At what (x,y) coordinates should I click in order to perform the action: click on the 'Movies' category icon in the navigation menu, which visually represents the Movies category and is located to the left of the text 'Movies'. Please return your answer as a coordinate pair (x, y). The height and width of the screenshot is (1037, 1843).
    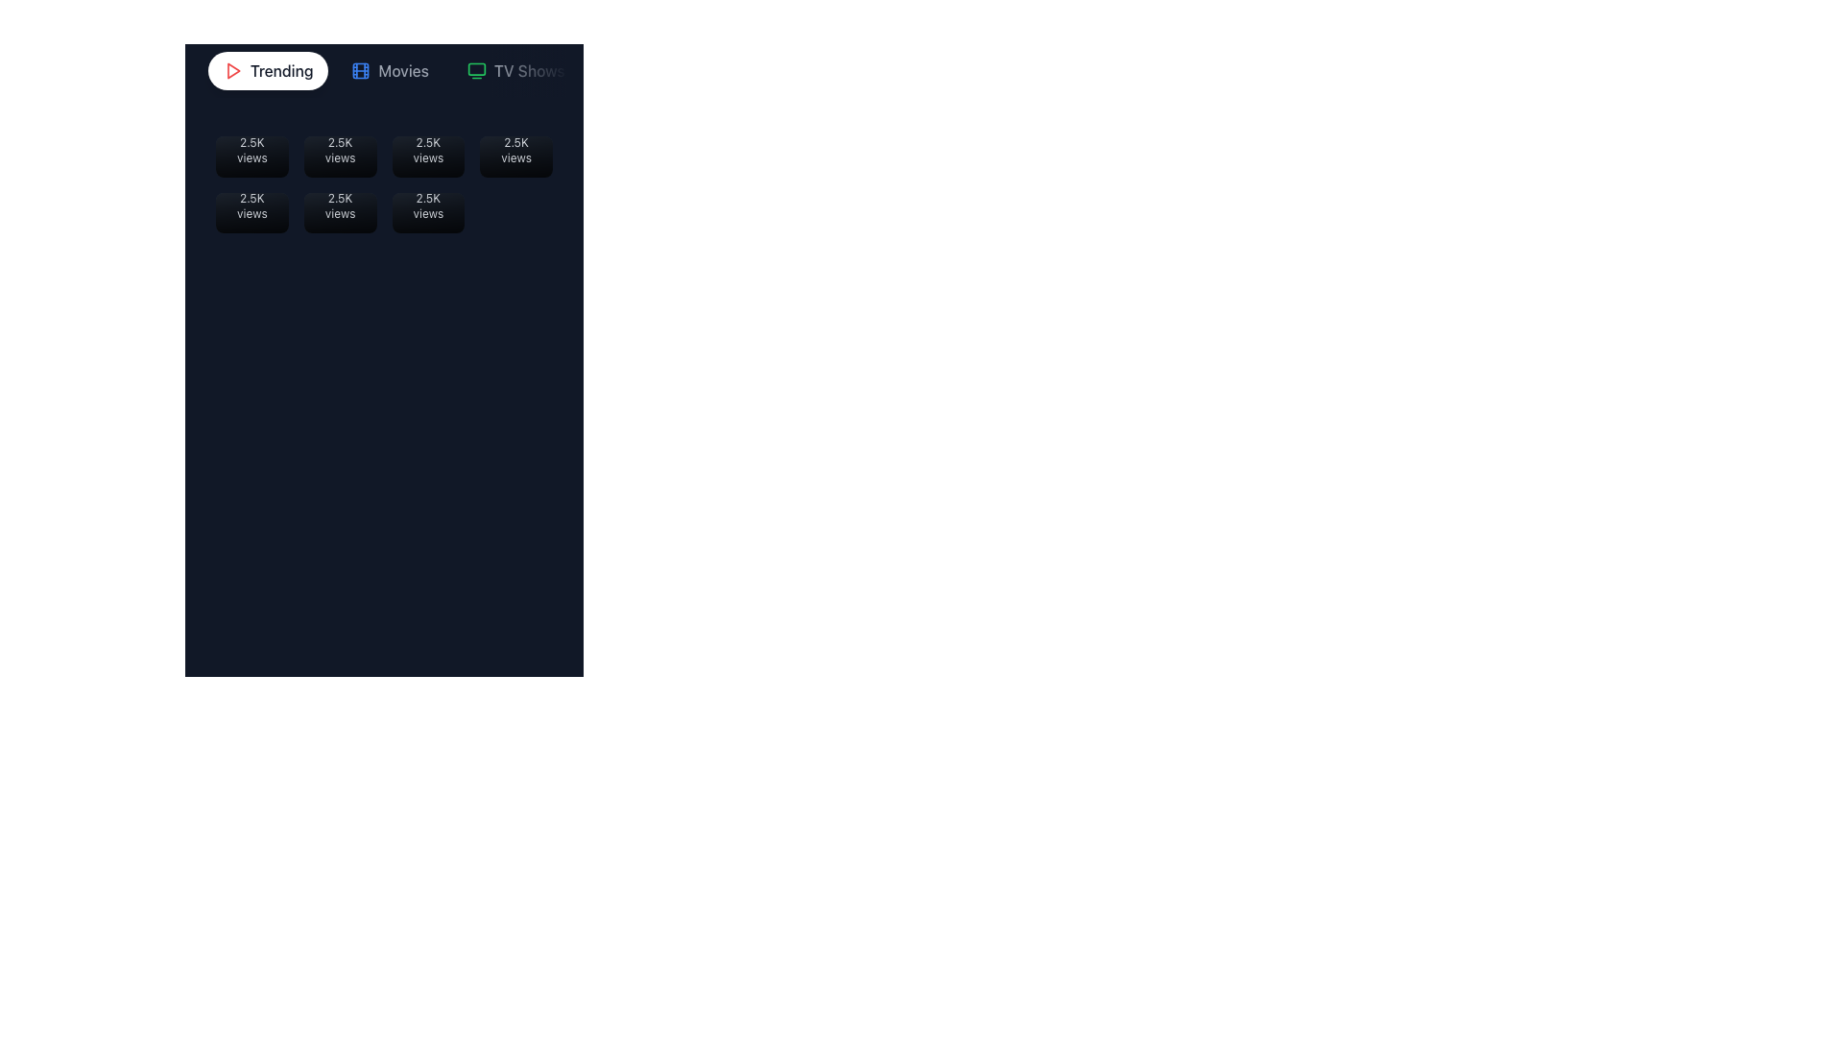
    Looking at the image, I should click on (361, 69).